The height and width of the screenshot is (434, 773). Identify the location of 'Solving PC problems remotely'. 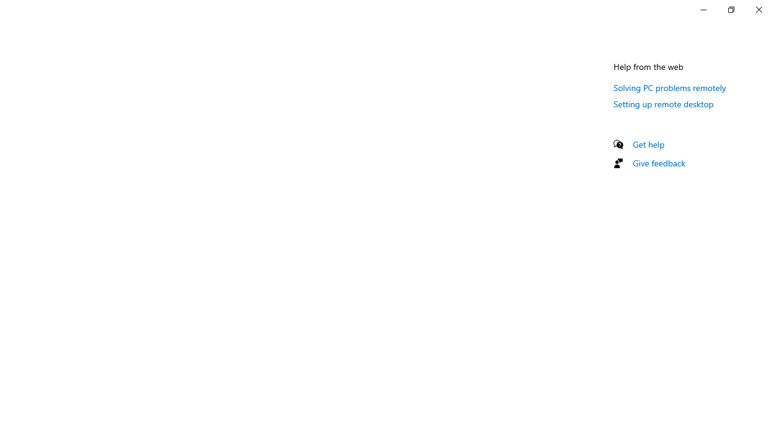
(669, 87).